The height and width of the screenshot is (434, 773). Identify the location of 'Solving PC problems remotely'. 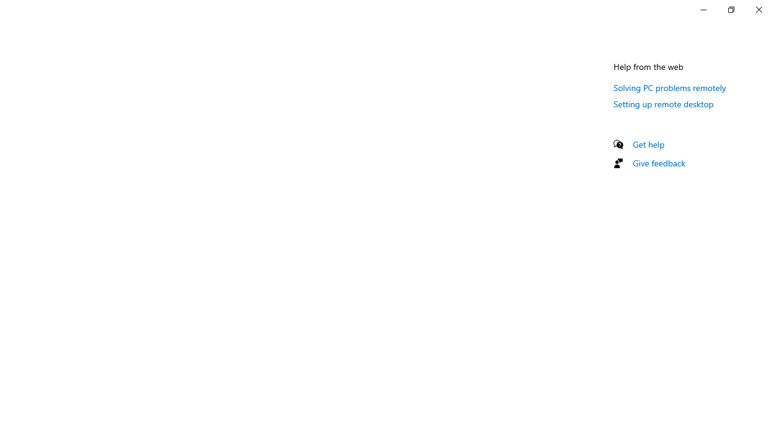
(669, 87).